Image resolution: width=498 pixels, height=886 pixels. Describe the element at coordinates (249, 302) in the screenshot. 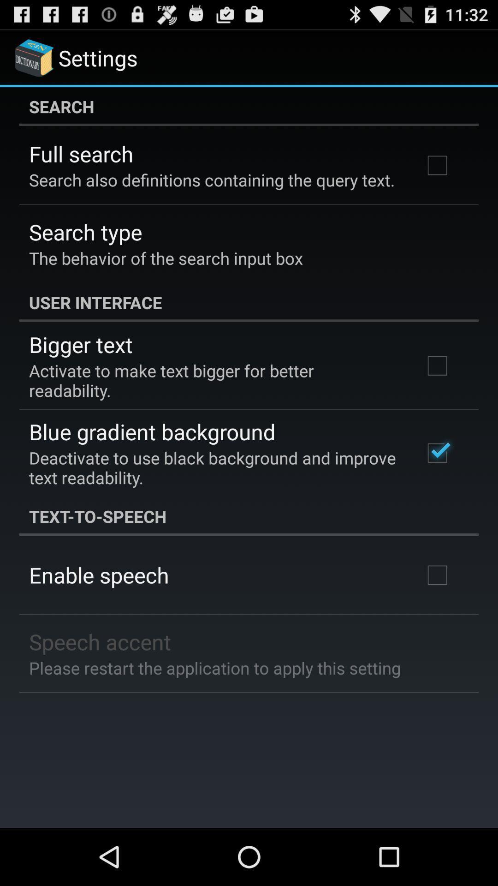

I see `the user interface icon` at that location.